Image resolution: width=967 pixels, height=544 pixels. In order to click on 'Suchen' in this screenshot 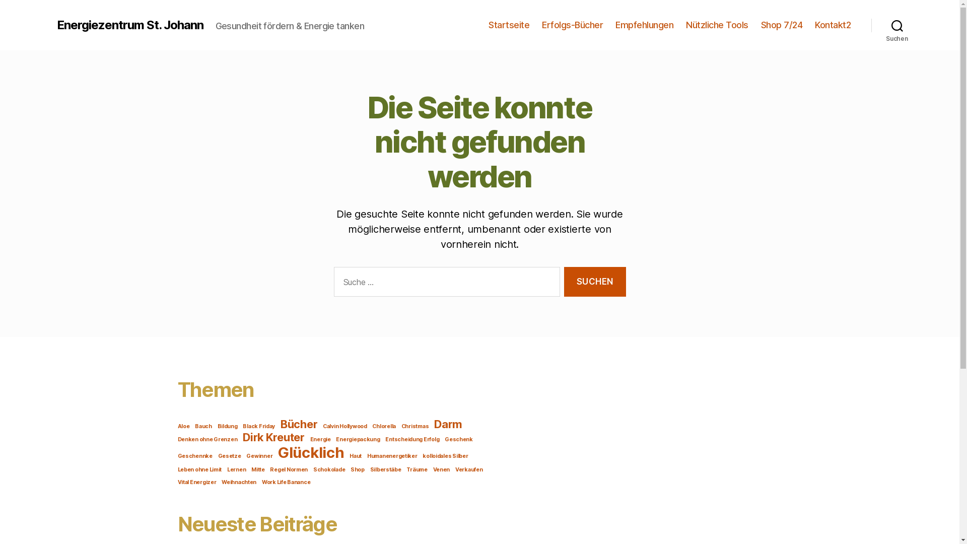, I will do `click(870, 25)`.